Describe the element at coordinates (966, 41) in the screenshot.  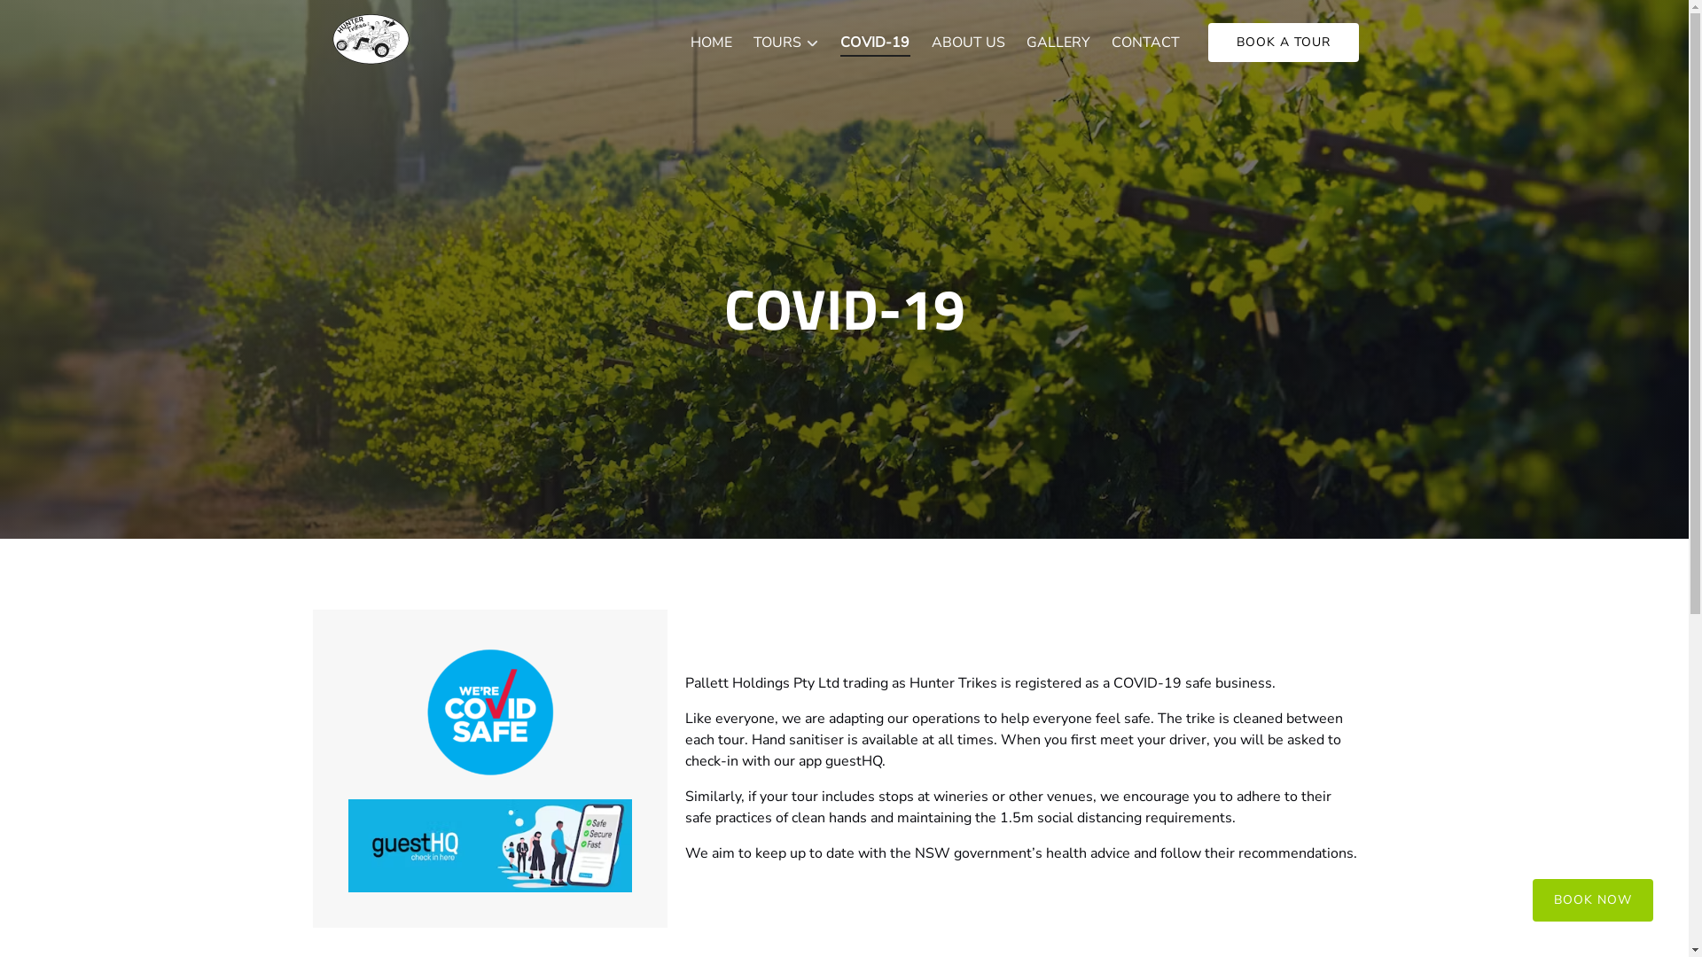
I see `'ABOUT US'` at that location.